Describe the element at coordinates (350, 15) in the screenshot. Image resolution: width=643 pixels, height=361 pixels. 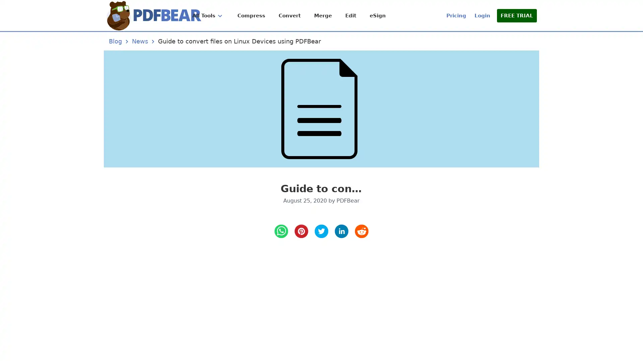
I see `Edit` at that location.